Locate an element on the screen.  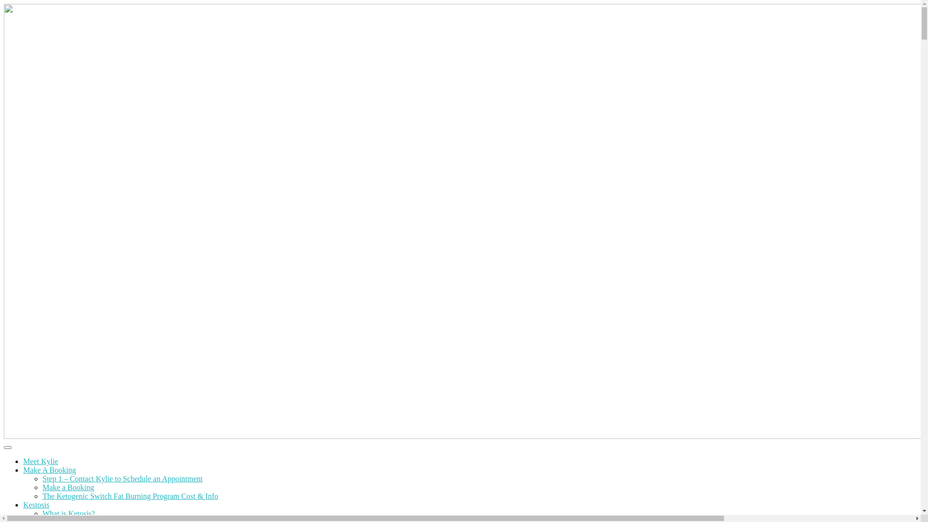
'Make A Booking' is located at coordinates (23, 469).